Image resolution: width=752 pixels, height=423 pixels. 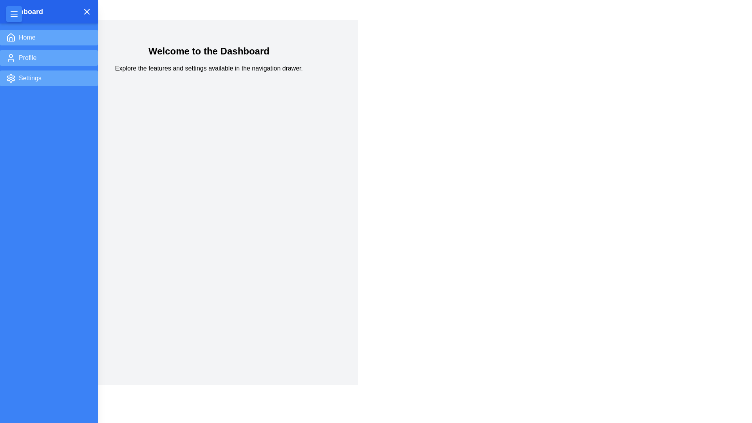 What do you see at coordinates (14, 14) in the screenshot?
I see `the button located in the top-left corner of the interface, adjacent to the 'Board' label` at bounding box center [14, 14].